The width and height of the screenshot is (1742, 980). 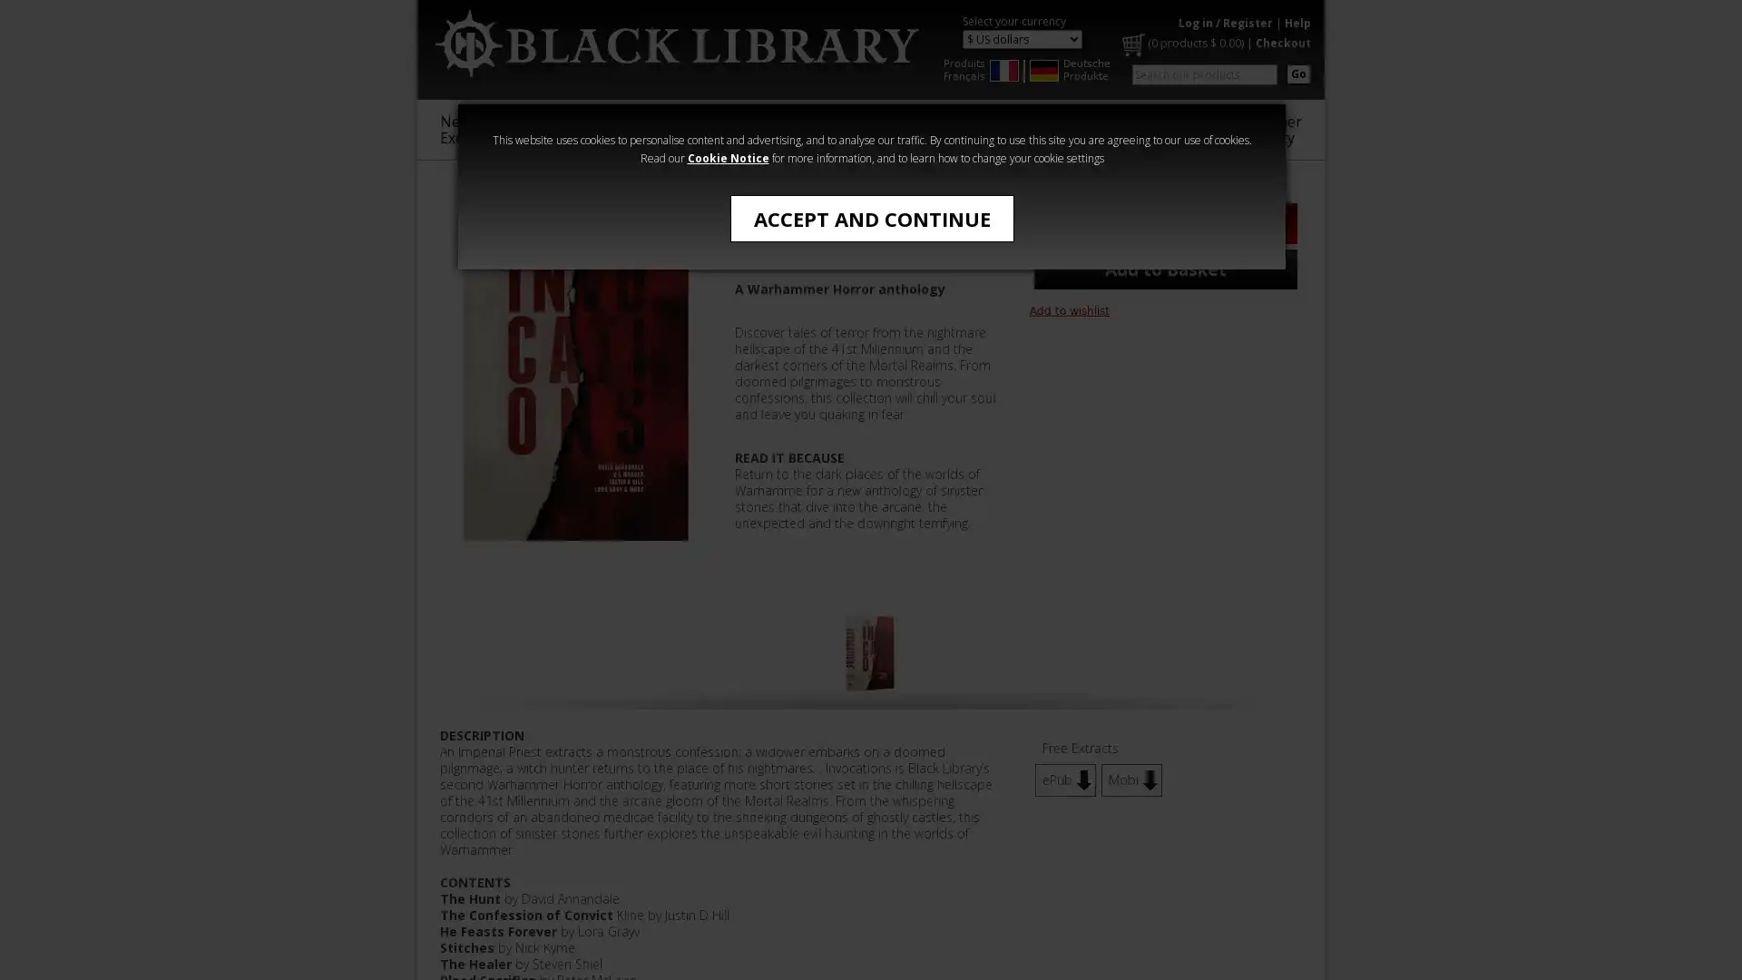 What do you see at coordinates (1166, 269) in the screenshot?
I see `Add to Basket` at bounding box center [1166, 269].